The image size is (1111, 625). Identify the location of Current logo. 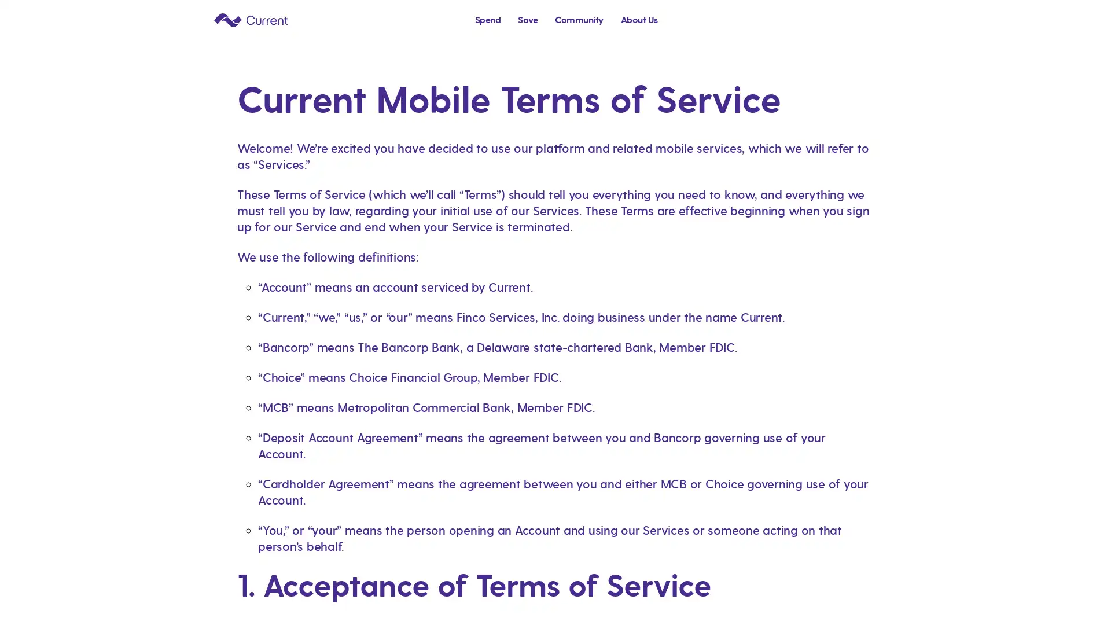
(250, 19).